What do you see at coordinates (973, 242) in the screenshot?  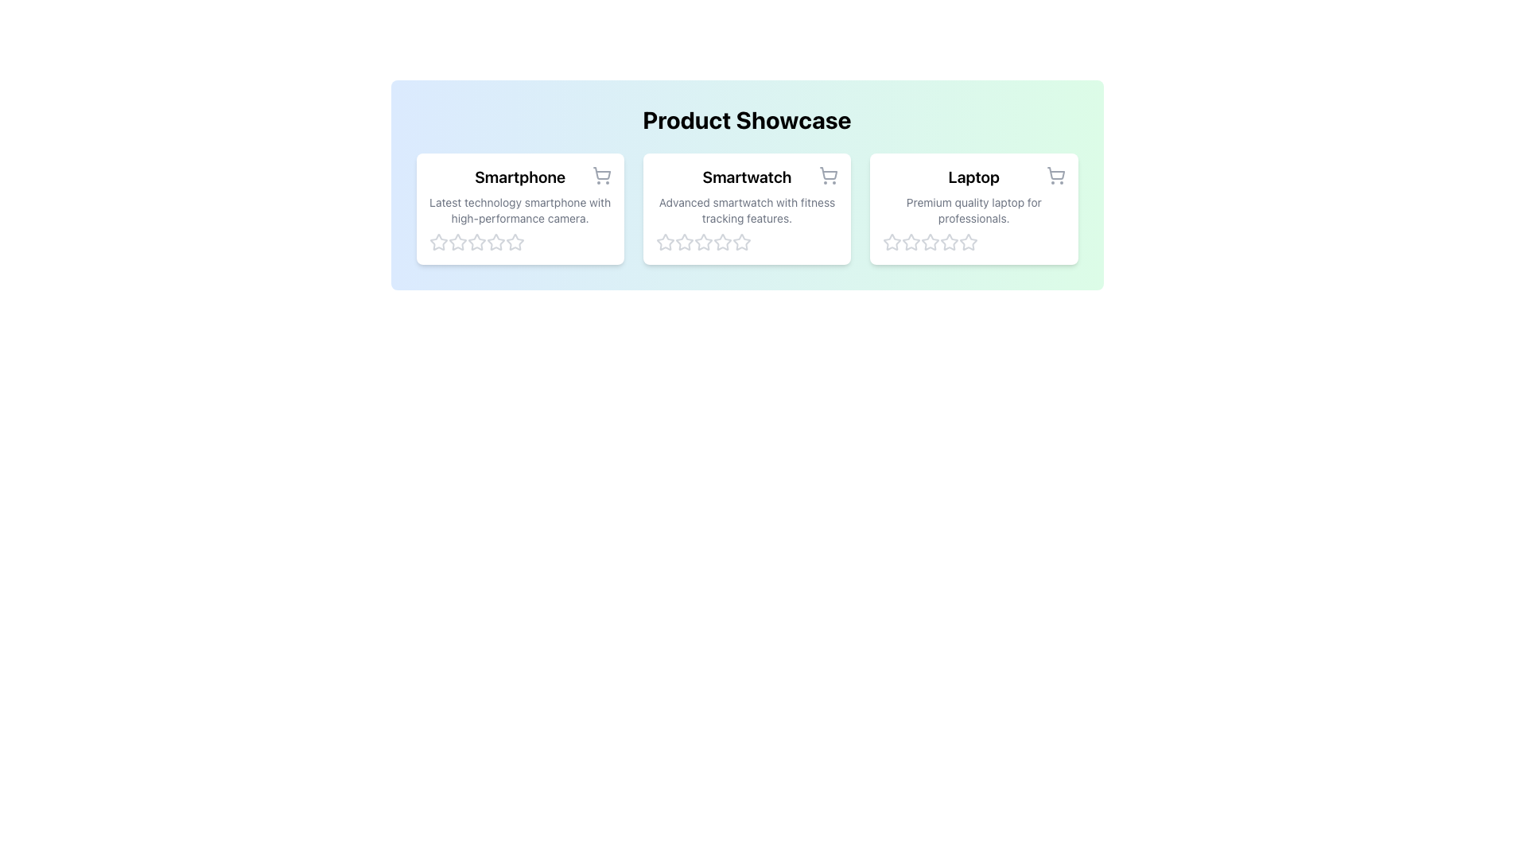 I see `the stars in the rating display component located at the bottom of the 'Laptop' card` at bounding box center [973, 242].